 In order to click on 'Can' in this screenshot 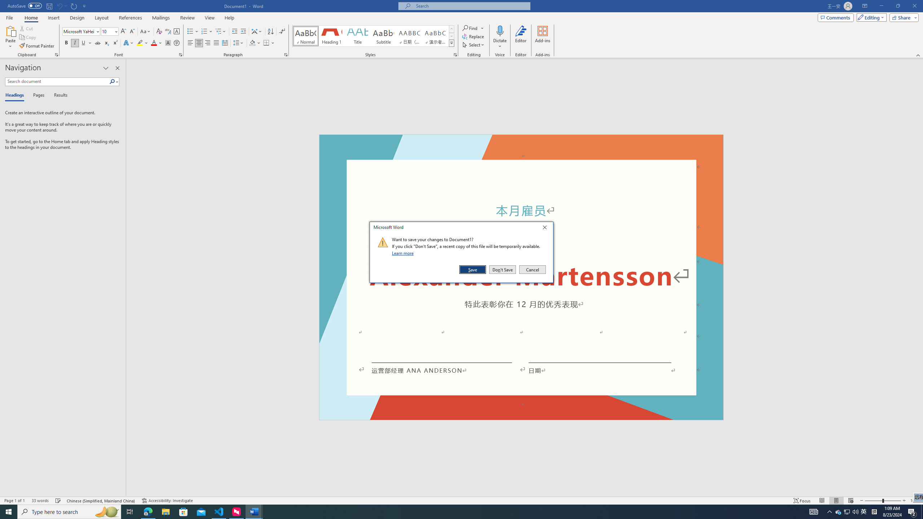, I will do `click(59, 5)`.